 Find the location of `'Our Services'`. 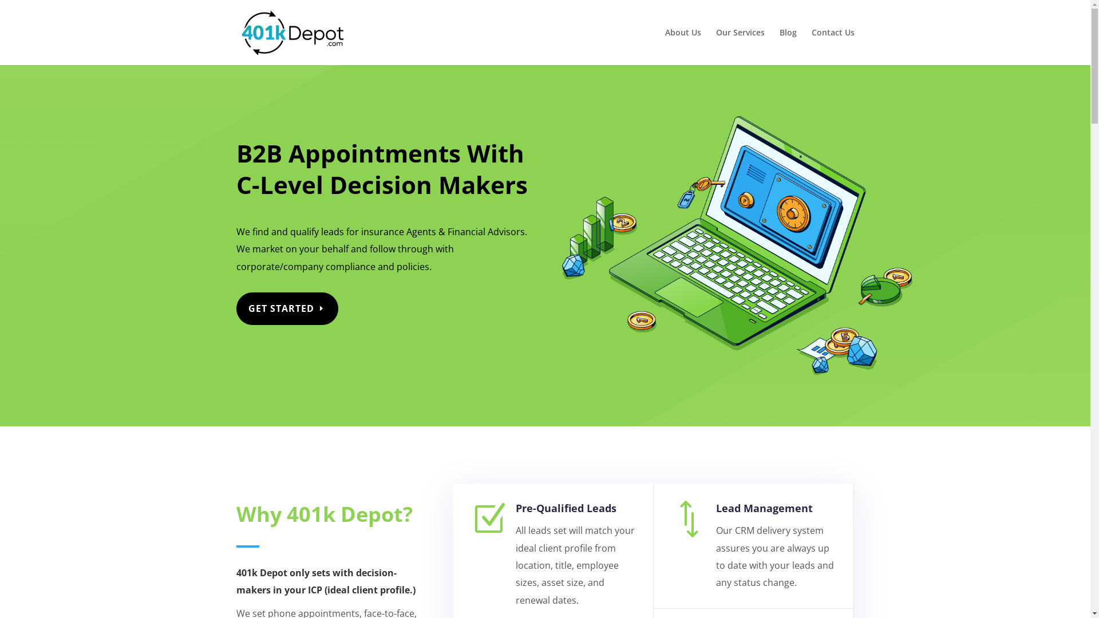

'Our Services' is located at coordinates (740, 46).